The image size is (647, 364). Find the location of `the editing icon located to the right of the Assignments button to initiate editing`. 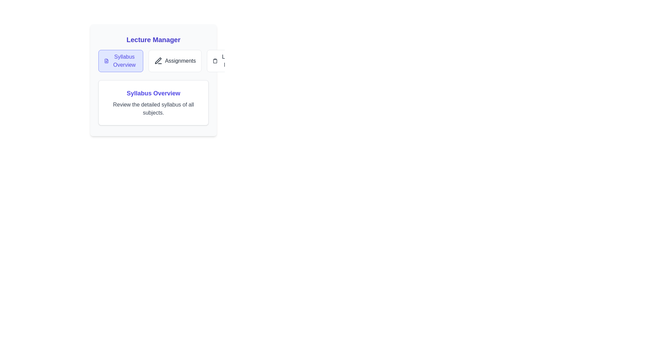

the editing icon located to the right of the Assignments button to initiate editing is located at coordinates (158, 61).